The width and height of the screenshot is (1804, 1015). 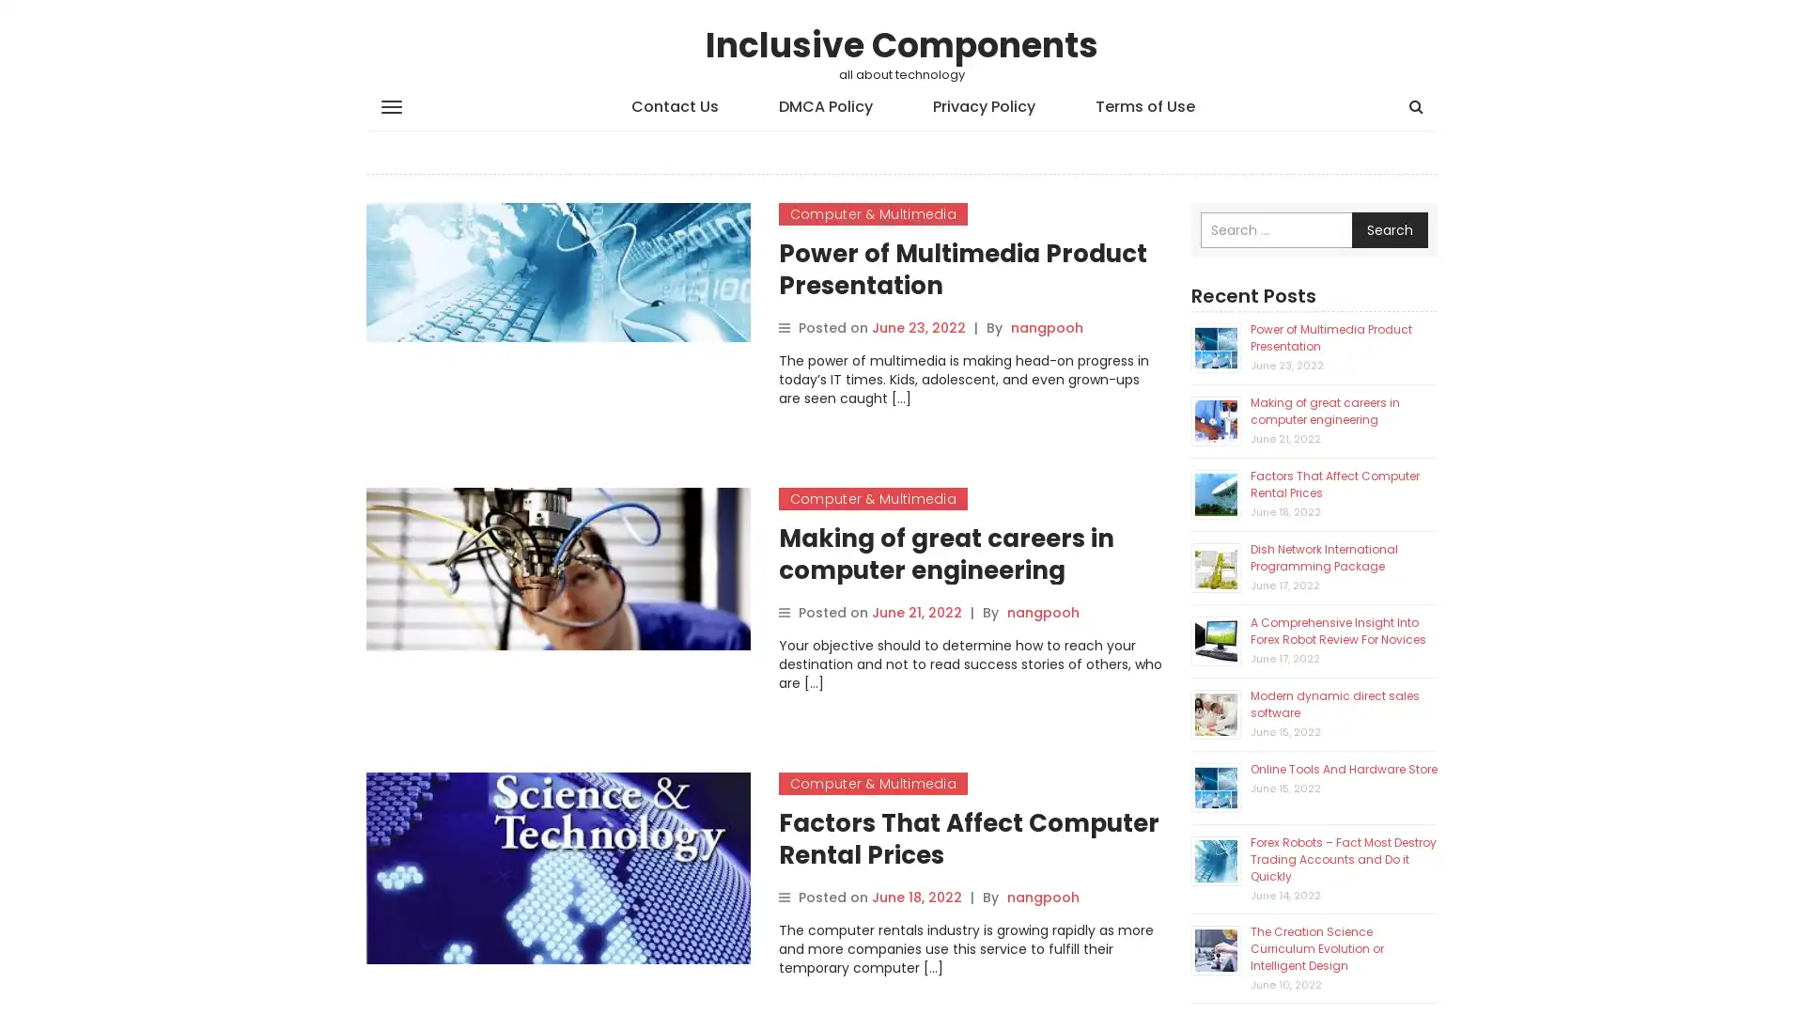 I want to click on Search, so click(x=1390, y=229).